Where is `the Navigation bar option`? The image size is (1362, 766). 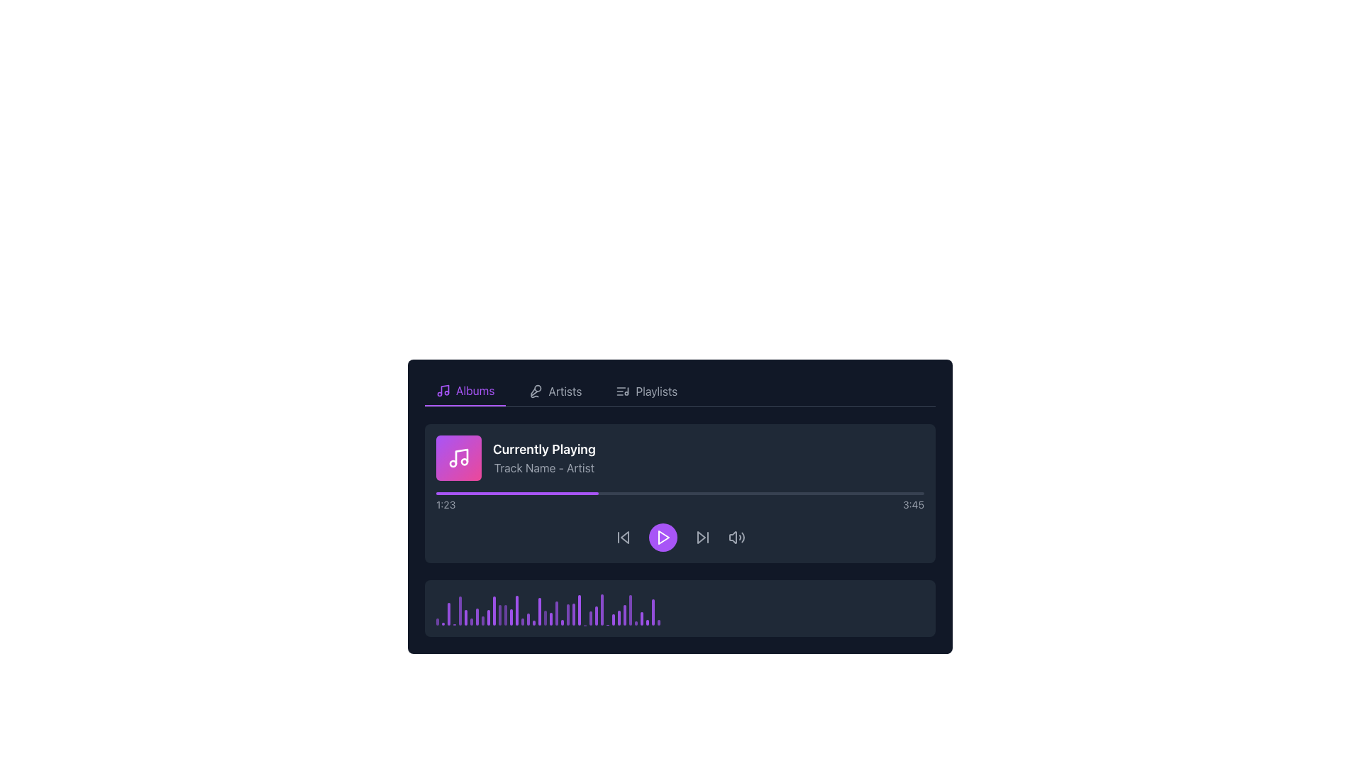
the Navigation bar option is located at coordinates (680, 392).